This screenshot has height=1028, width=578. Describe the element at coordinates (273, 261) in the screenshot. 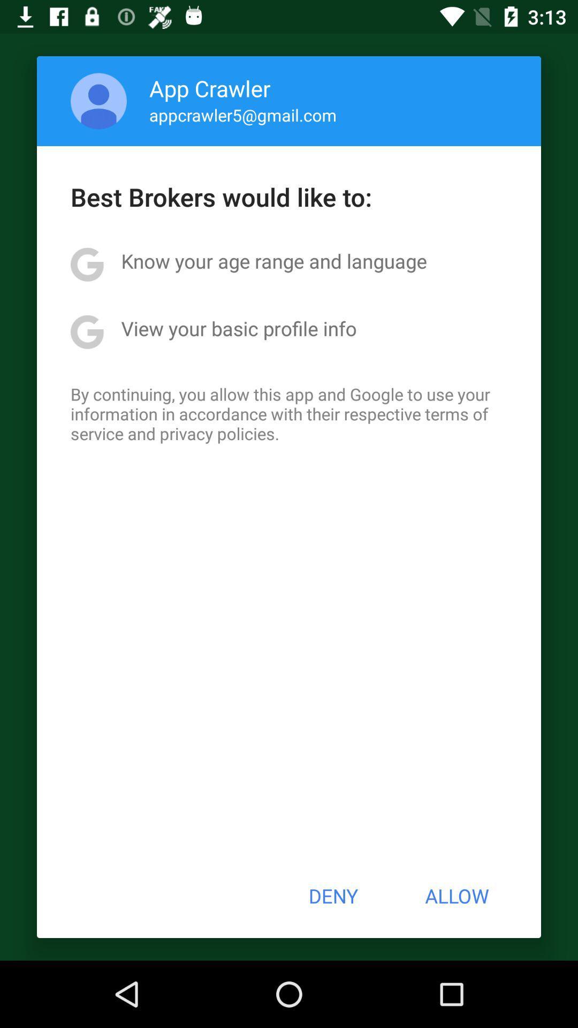

I see `know your age item` at that location.